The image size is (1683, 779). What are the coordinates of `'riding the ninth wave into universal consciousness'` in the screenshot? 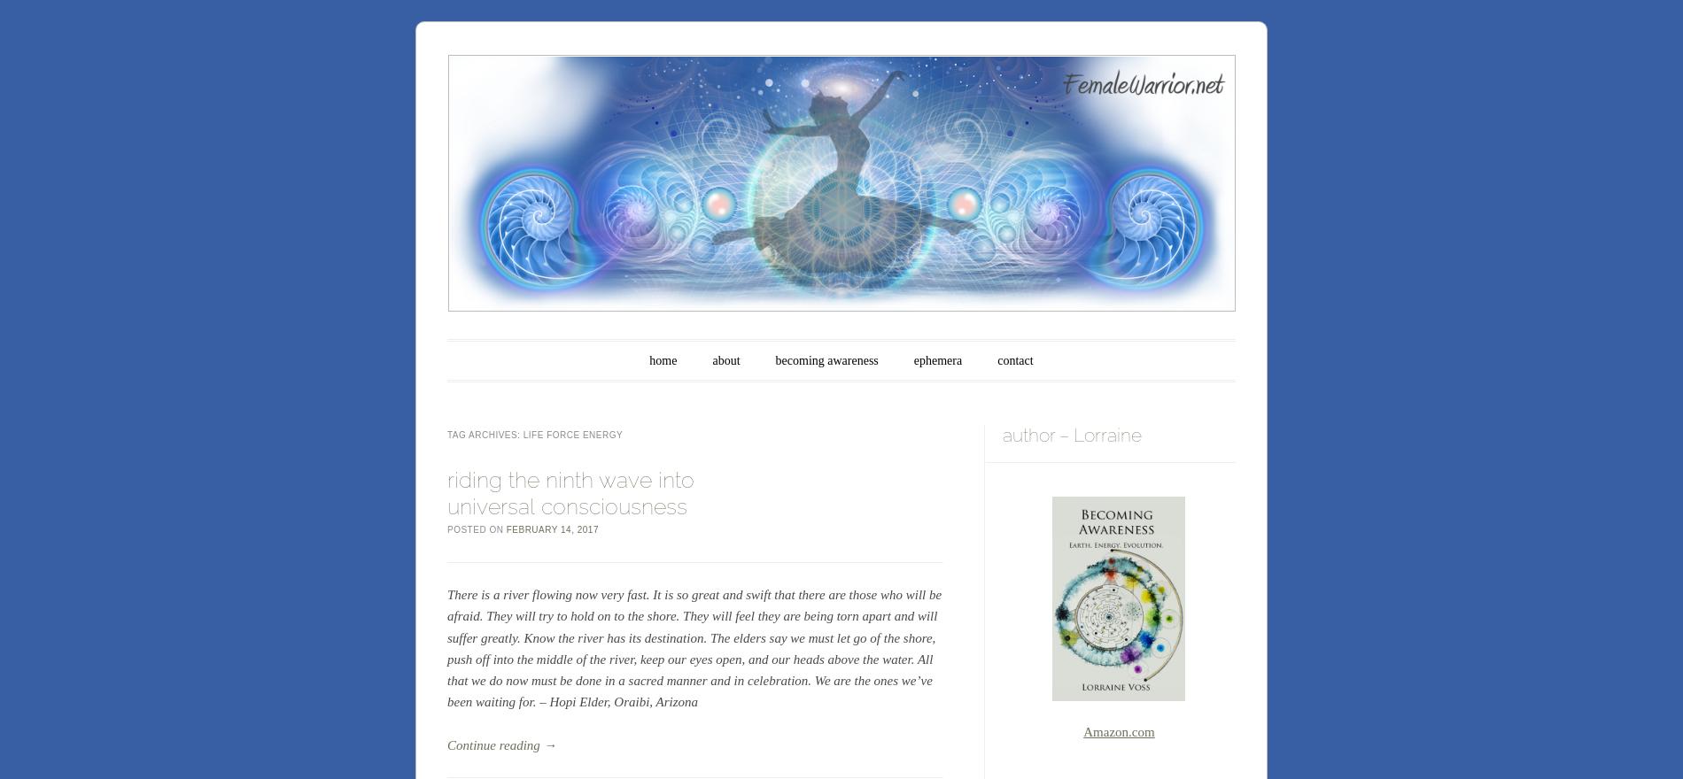 It's located at (570, 492).